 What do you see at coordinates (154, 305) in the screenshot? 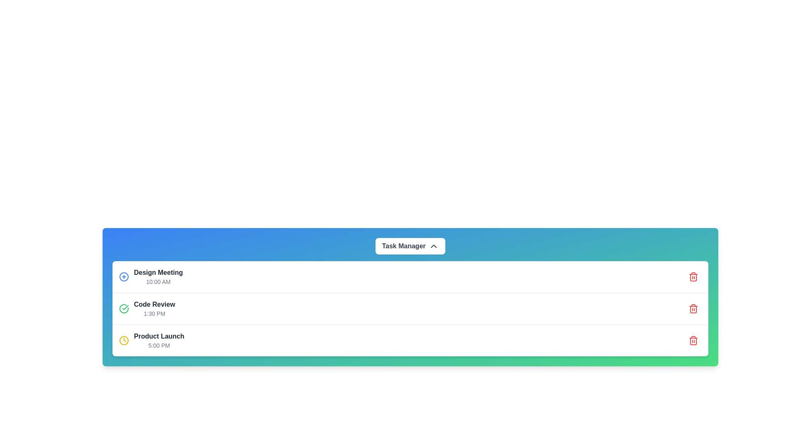
I see `'Code Review' text label displayed in bold, dark gray color located in the middle row of the 'Task Manager' interface, positioned above the '1:30 PM' timestamp and below the 'Design Meeting' task` at bounding box center [154, 305].